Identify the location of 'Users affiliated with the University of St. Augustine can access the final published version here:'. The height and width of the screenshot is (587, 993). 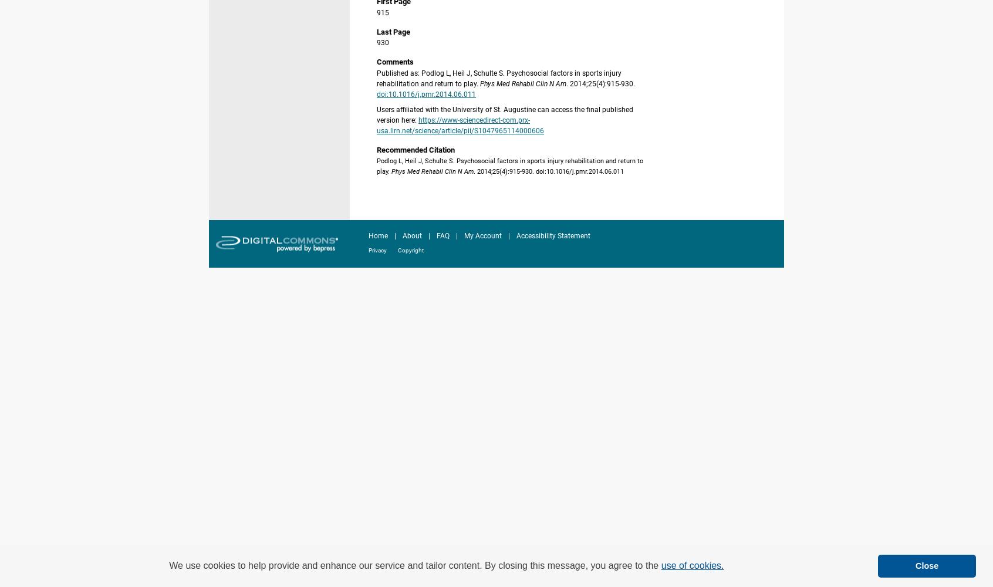
(504, 114).